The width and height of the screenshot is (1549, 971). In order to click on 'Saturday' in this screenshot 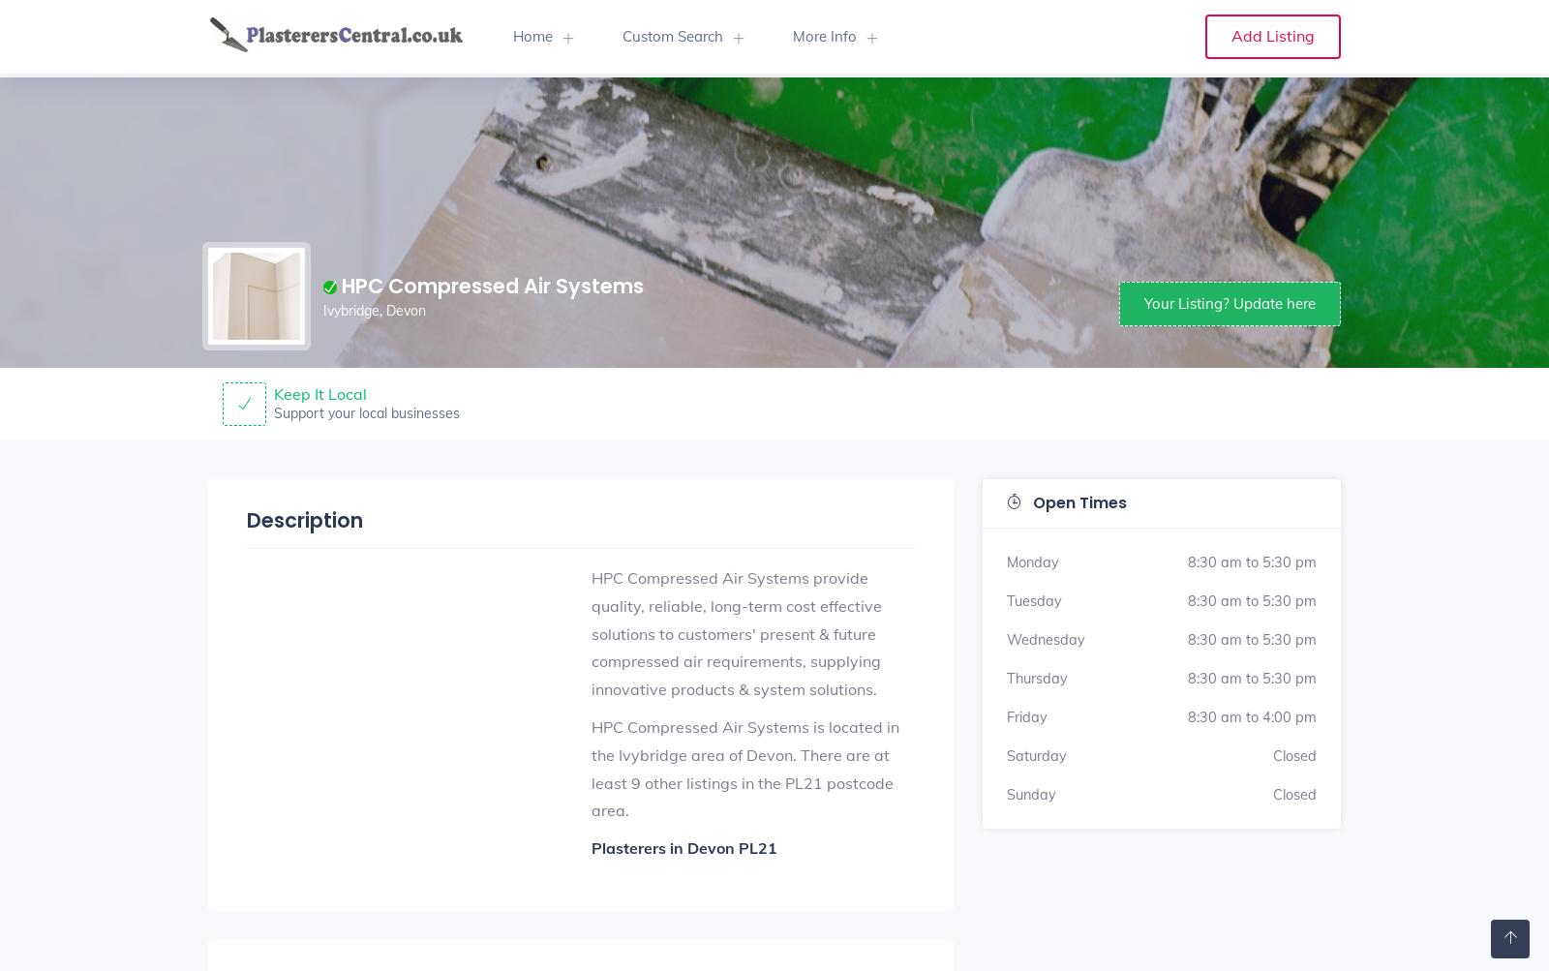, I will do `click(1037, 754)`.